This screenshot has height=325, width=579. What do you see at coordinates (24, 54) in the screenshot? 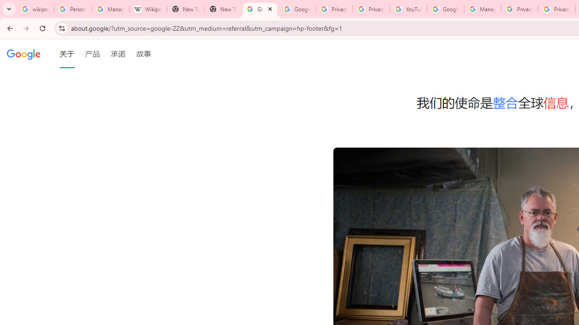
I see `'Google'` at bounding box center [24, 54].